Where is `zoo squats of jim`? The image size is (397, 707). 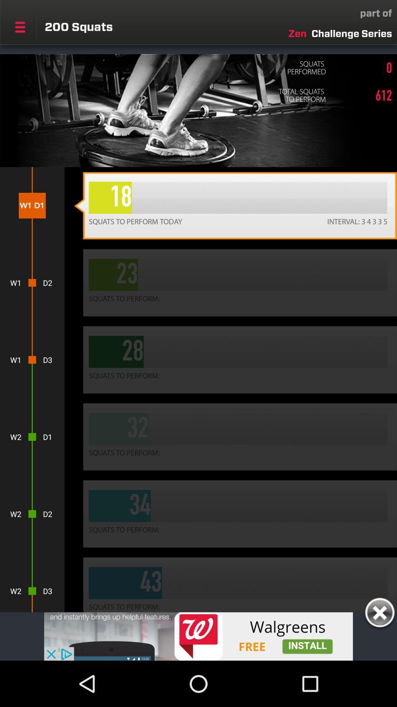
zoo squats of jim is located at coordinates (198, 636).